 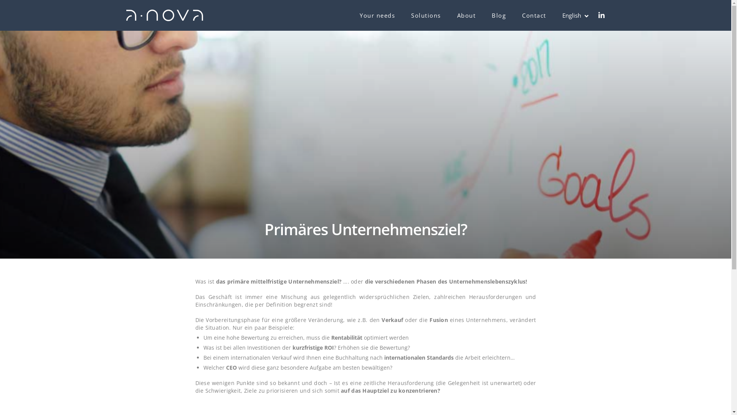 What do you see at coordinates (254, 315) in the screenshot?
I see `'Blog'` at bounding box center [254, 315].